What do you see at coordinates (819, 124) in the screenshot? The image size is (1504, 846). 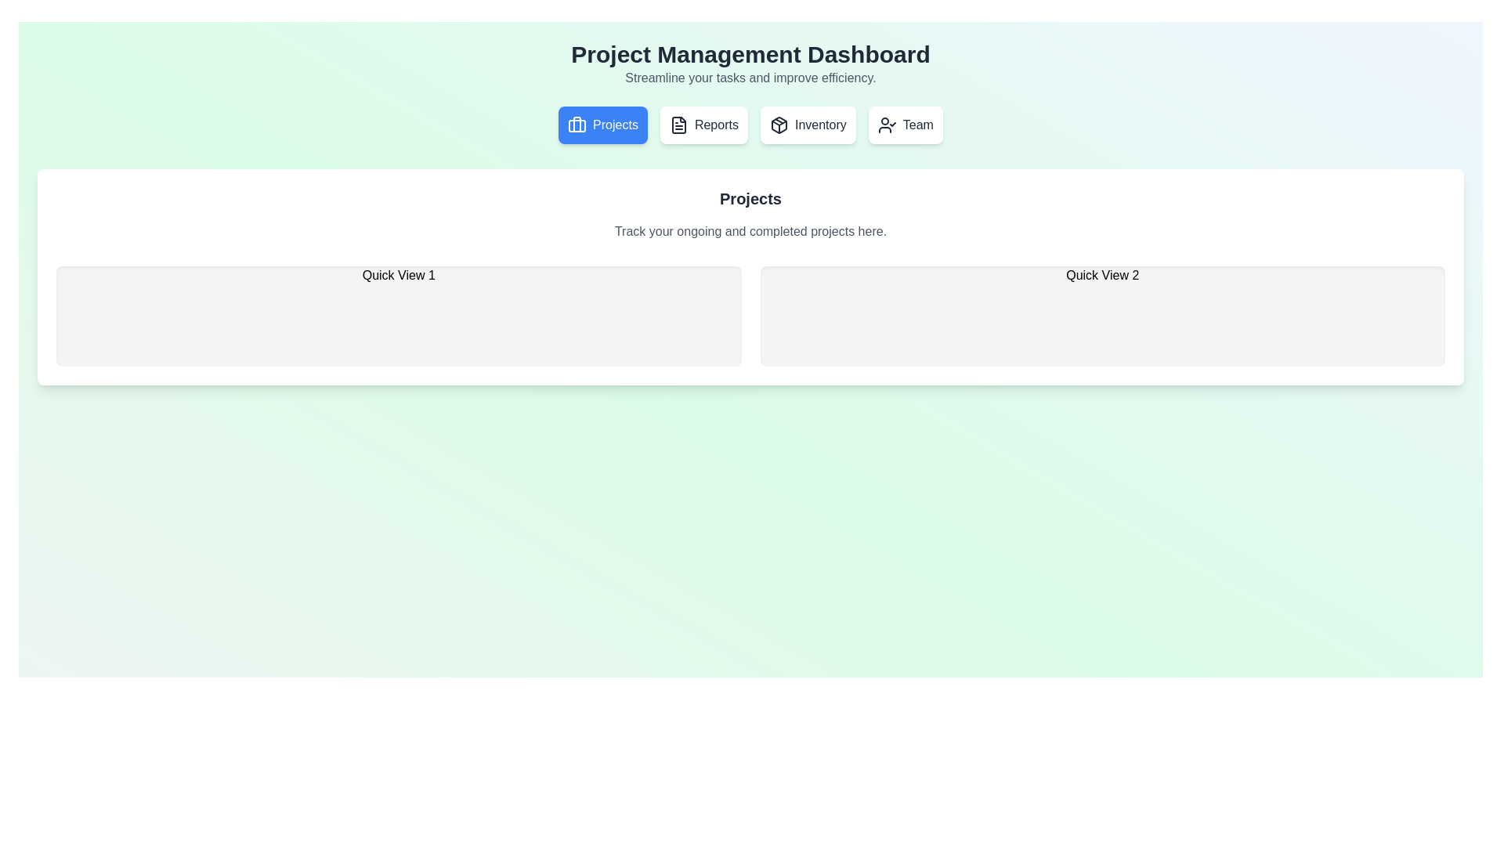 I see `the 'Inventory' button located in the navigation bar` at bounding box center [819, 124].